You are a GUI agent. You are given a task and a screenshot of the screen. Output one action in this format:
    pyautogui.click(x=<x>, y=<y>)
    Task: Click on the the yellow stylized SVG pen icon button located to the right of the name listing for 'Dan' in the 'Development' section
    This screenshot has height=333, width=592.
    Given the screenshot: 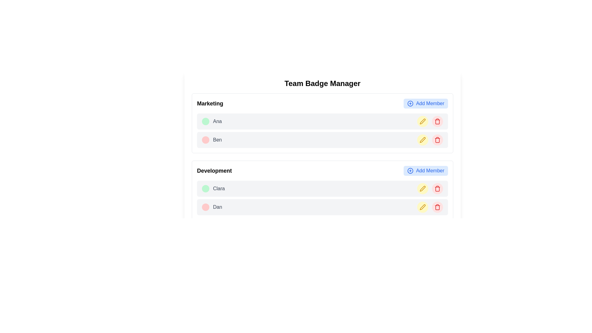 What is the action you would take?
    pyautogui.click(x=422, y=207)
    